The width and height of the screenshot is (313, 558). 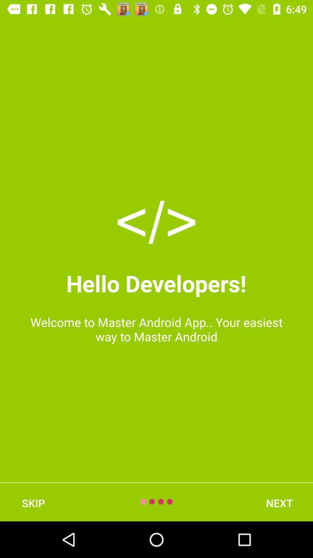 I want to click on the skip, so click(x=33, y=503).